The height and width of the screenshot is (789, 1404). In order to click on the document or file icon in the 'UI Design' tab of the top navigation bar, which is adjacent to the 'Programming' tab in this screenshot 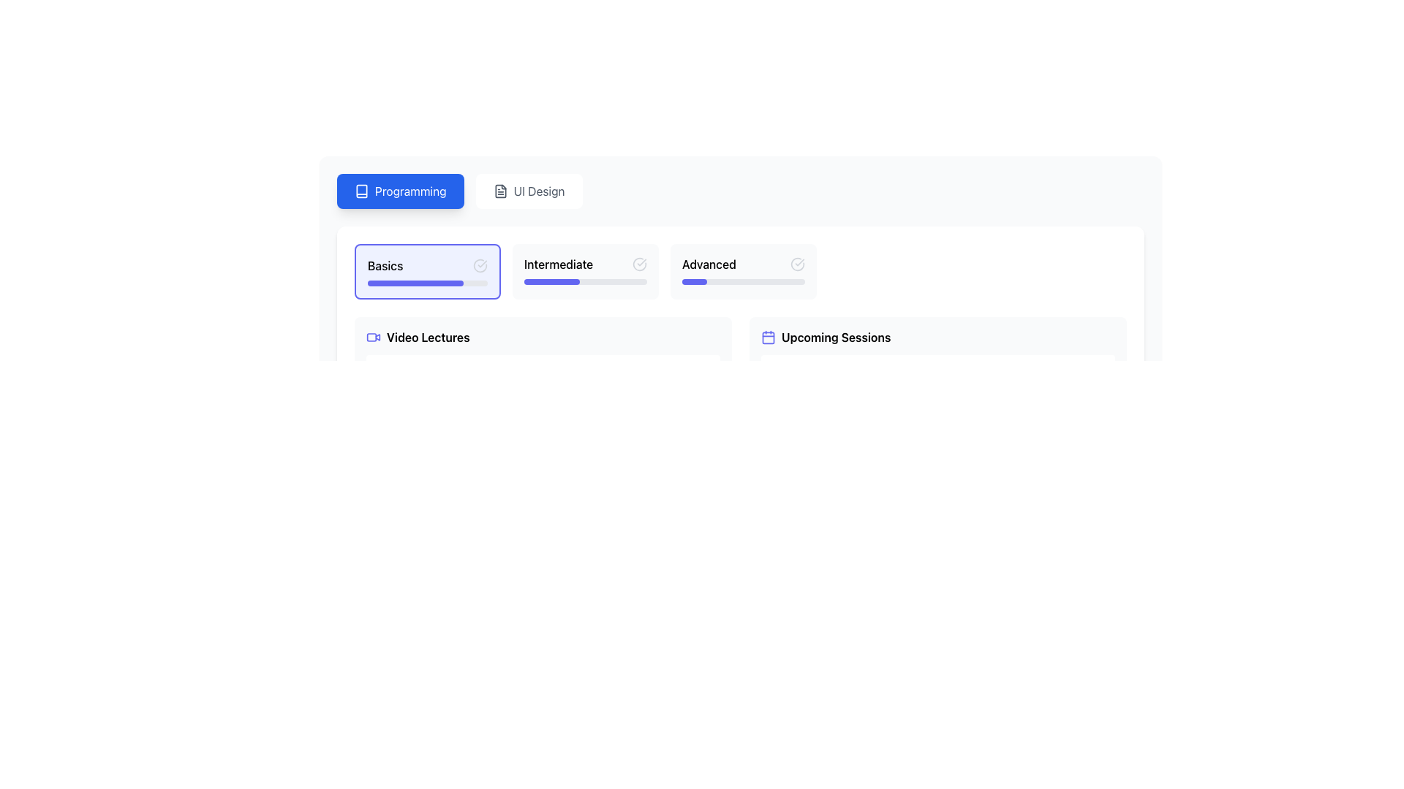, I will do `click(500, 191)`.